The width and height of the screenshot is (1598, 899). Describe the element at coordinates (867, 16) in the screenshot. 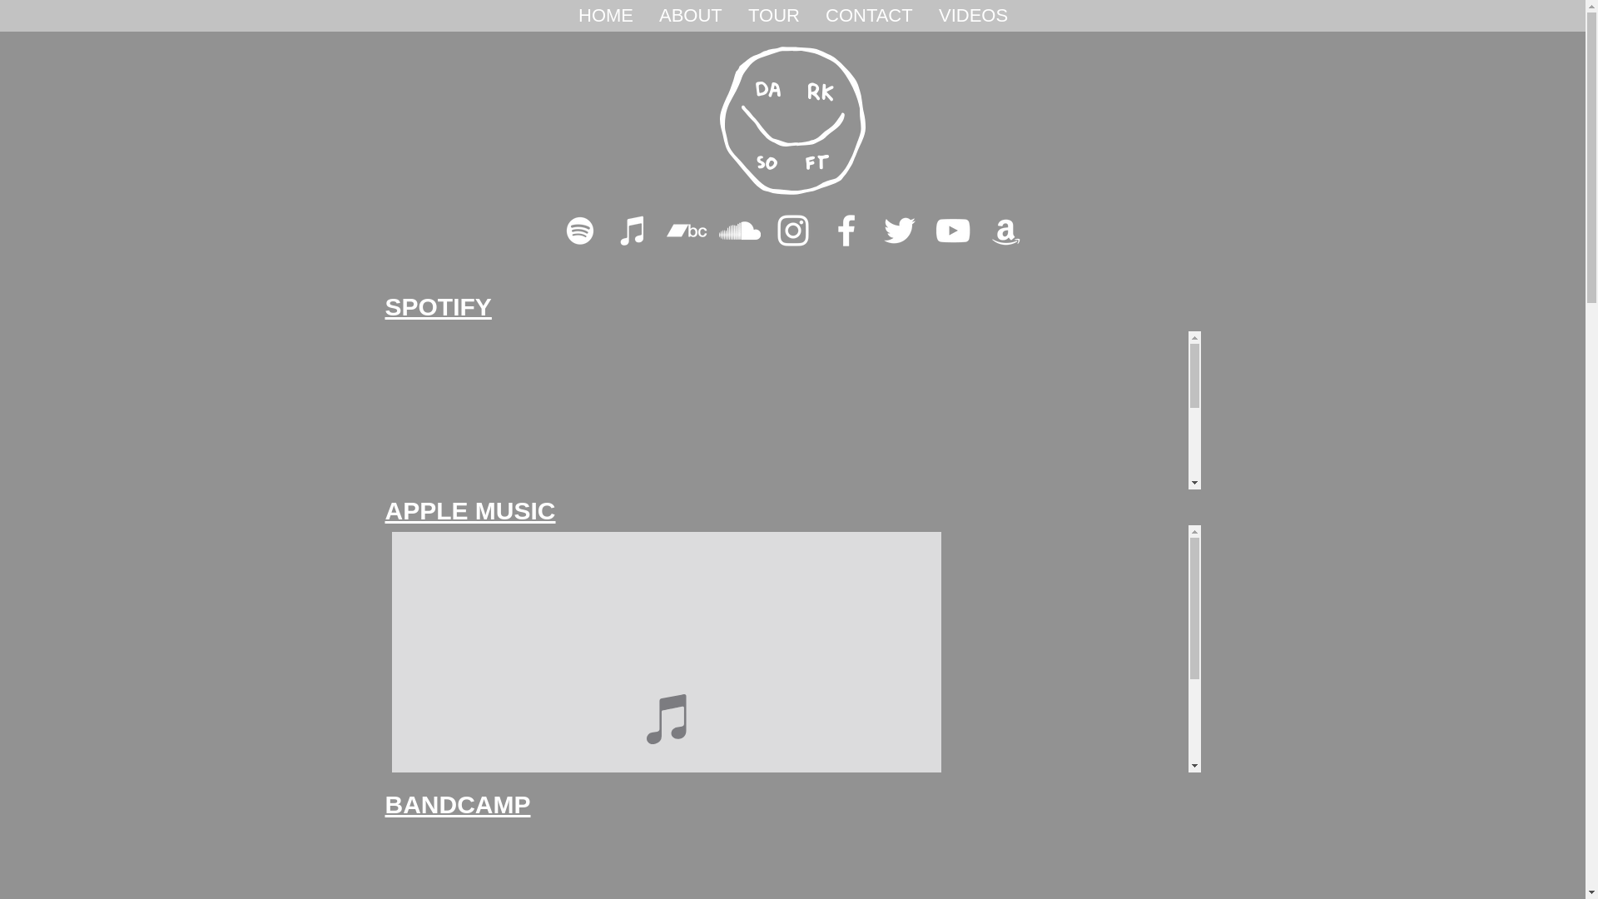

I see `'CONTACT'` at that location.